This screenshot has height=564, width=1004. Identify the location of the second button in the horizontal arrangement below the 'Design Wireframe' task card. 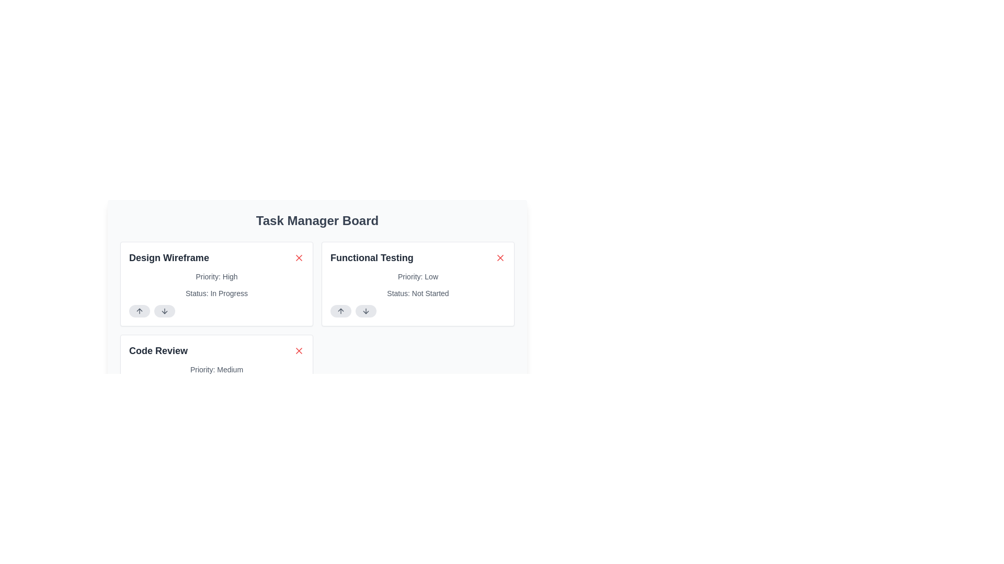
(164, 311).